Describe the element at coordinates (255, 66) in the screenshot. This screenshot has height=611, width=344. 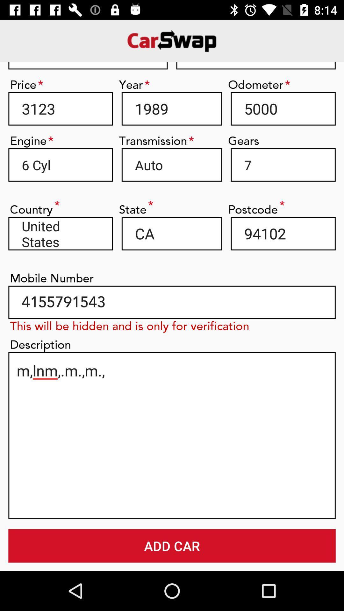
I see `the item to the right of 235123` at that location.